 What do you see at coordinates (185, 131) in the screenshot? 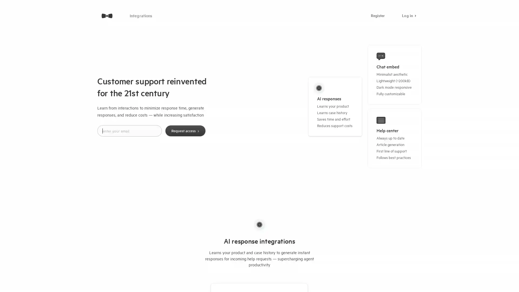
I see `Request access` at bounding box center [185, 131].